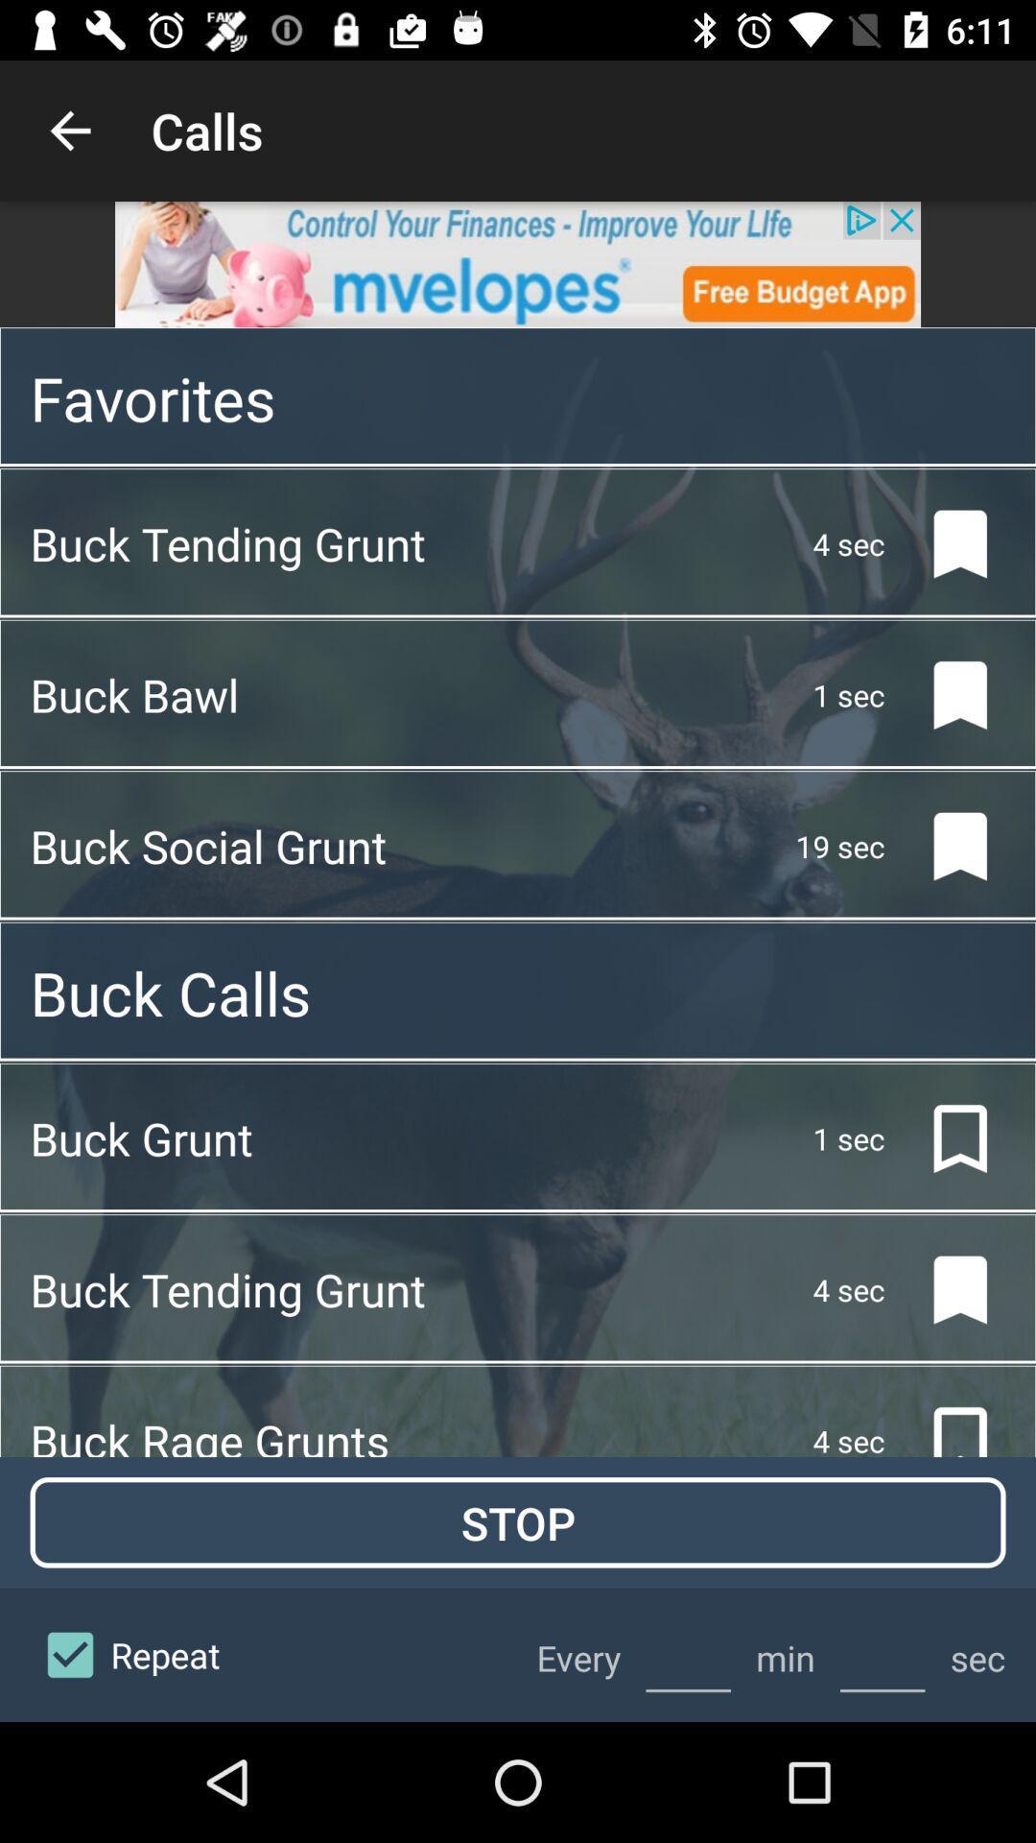  I want to click on the bookmark icon, so click(944, 1138).